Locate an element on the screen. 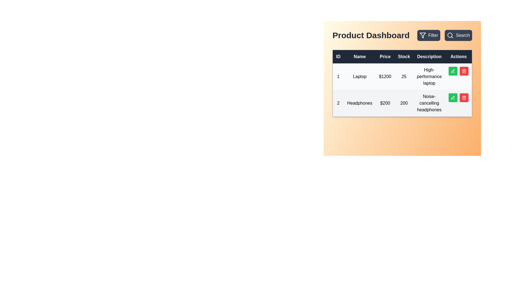 Image resolution: width=532 pixels, height=299 pixels. the static text label header labeled 'Name', which is styled with a dark background and white text, positioned in the second position among headers in a table layout is located at coordinates (360, 56).